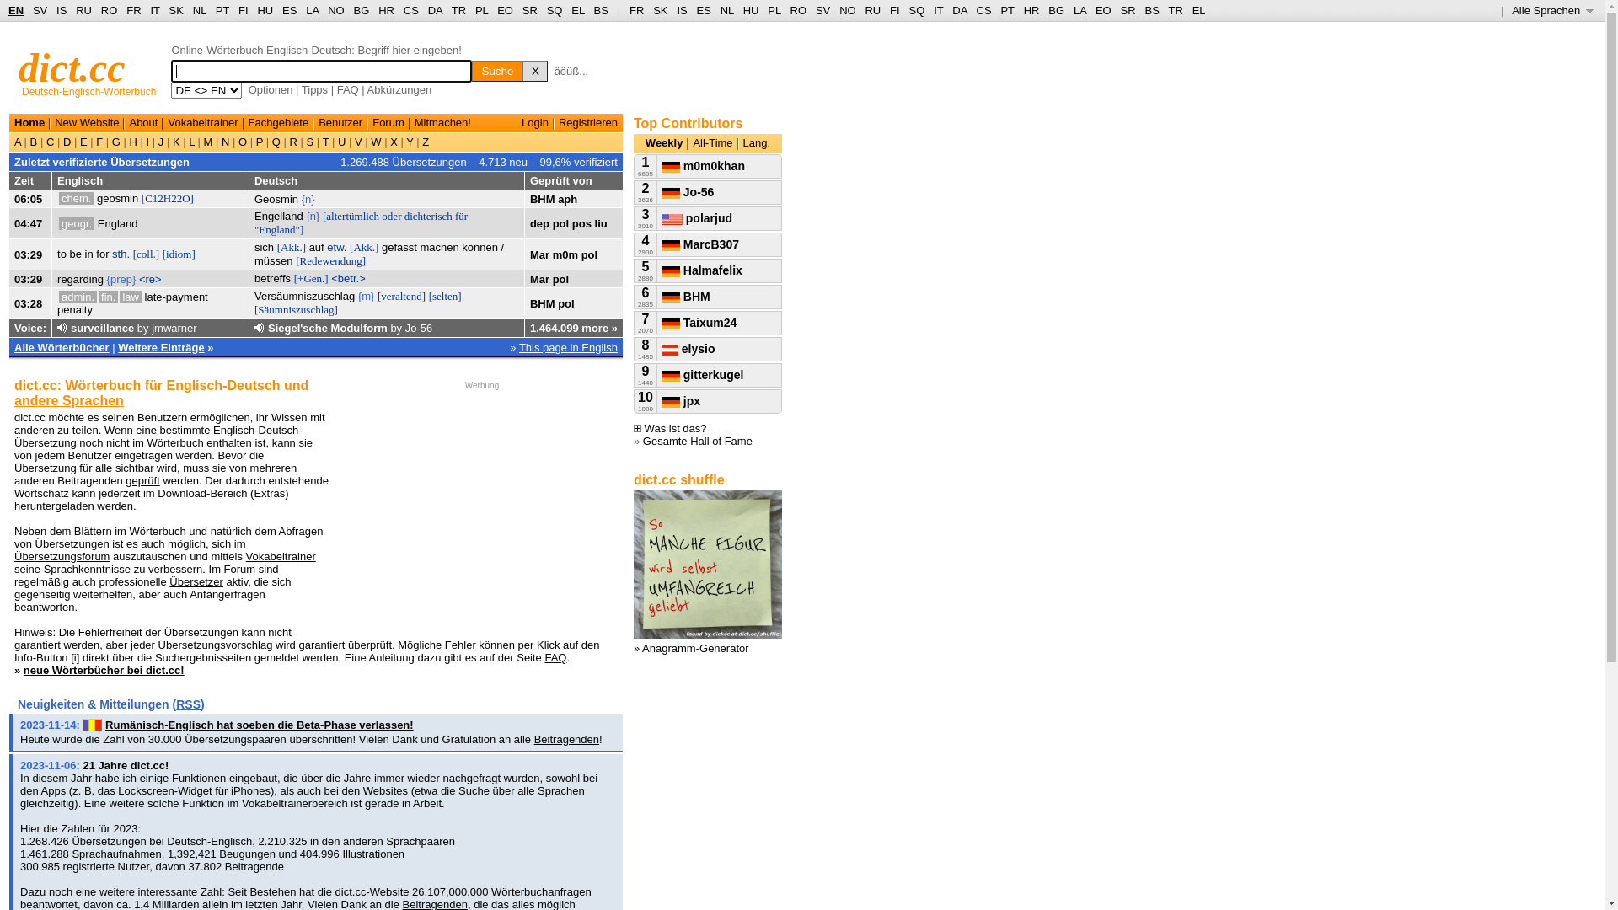  Describe the element at coordinates (1031, 10) in the screenshot. I see `'HR'` at that location.